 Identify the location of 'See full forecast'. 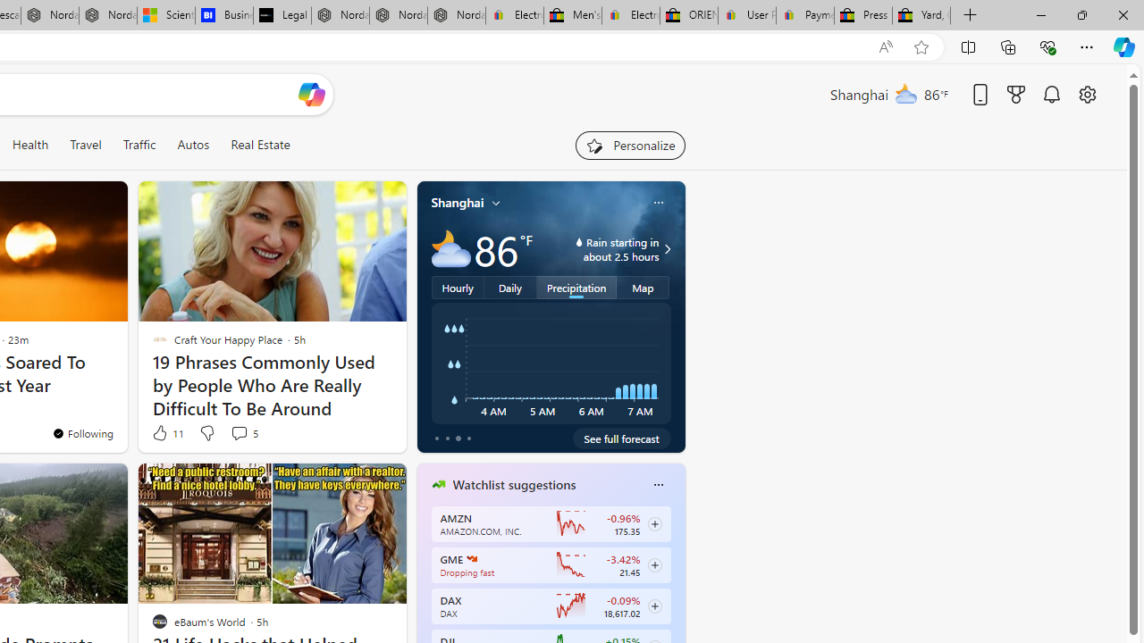
(621, 438).